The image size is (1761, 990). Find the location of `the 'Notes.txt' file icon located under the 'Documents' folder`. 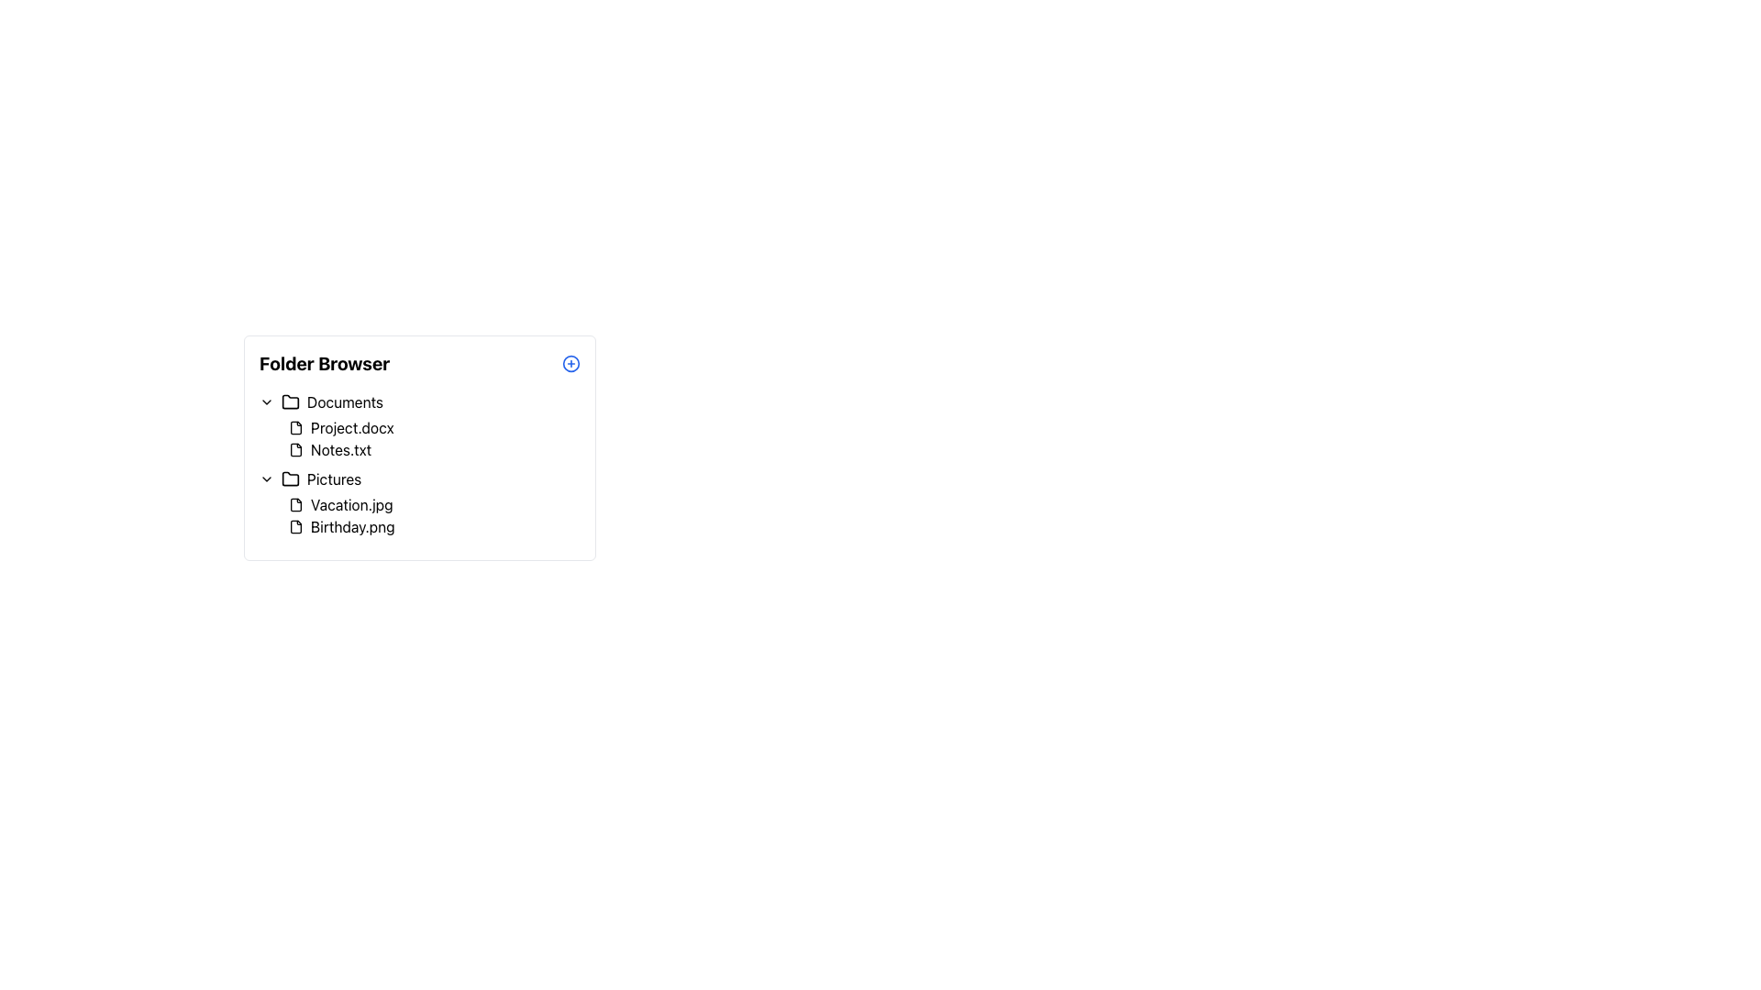

the 'Notes.txt' file icon located under the 'Documents' folder is located at coordinates (295, 449).